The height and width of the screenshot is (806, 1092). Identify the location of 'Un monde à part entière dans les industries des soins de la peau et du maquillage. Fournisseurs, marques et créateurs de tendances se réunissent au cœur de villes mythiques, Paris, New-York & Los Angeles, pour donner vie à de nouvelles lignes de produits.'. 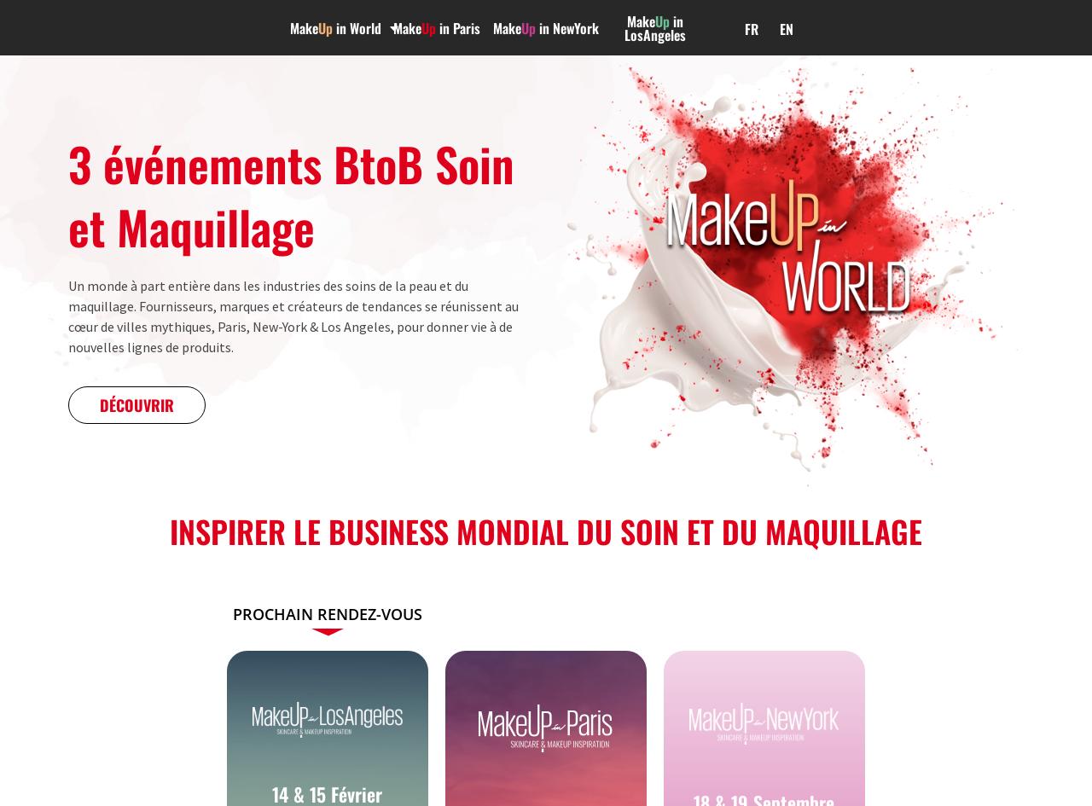
(293, 316).